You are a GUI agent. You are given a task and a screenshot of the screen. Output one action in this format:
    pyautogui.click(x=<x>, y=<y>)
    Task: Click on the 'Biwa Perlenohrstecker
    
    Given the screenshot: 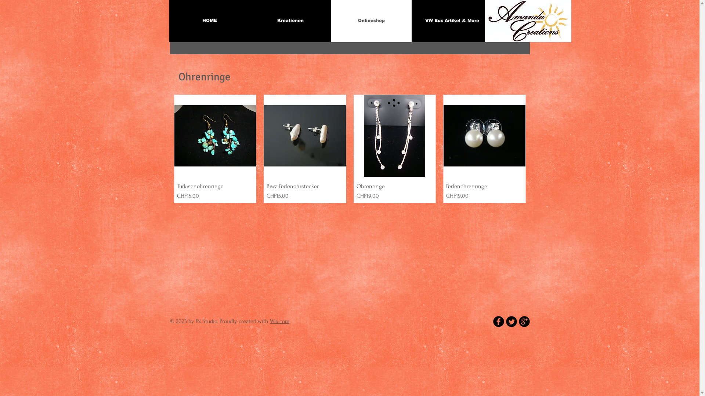 What is the action you would take?
    pyautogui.click(x=266, y=191)
    